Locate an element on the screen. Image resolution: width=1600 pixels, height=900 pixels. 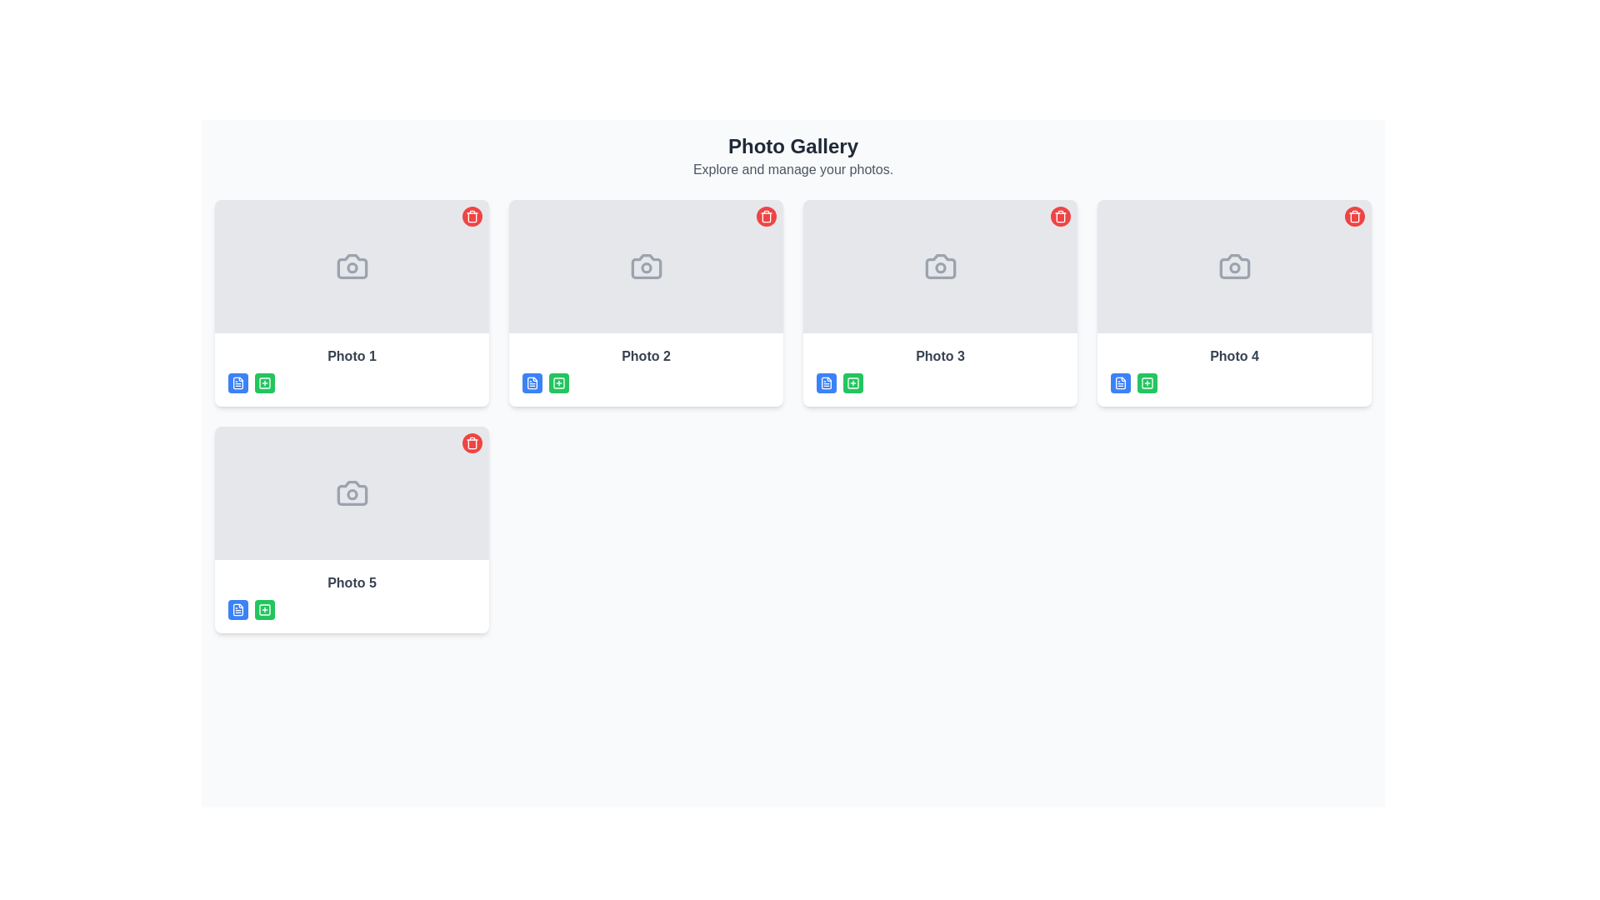
the blue icon button resembling a document or file at the bottom-left corner of the Photo 2 card is located at coordinates (531, 382).